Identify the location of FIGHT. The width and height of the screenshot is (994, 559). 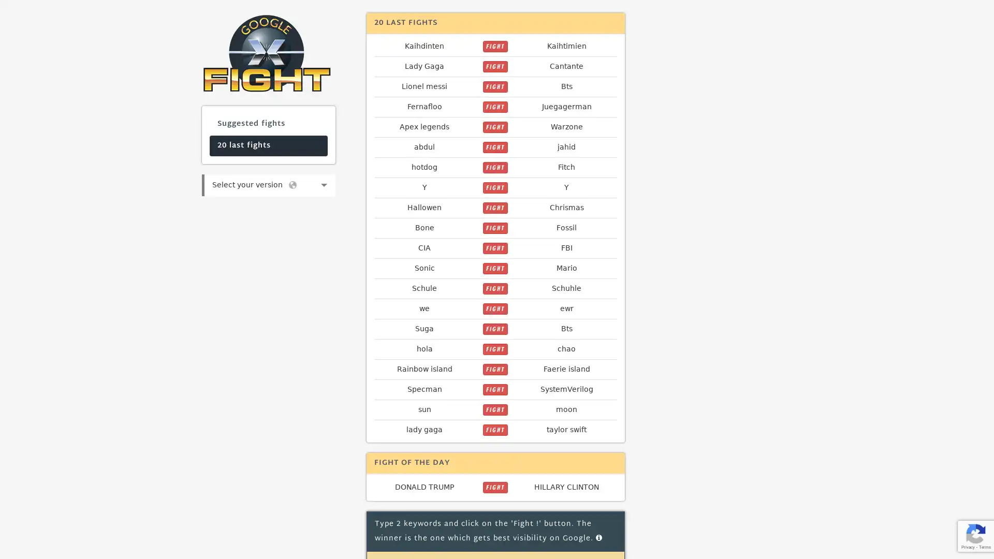
(494, 349).